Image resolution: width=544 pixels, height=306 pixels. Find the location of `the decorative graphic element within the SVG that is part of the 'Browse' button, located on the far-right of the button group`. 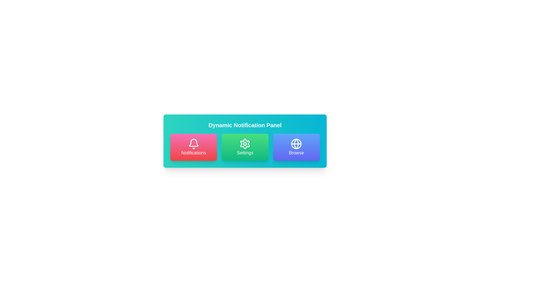

the decorative graphic element within the SVG that is part of the 'Browse' button, located on the far-right of the button group is located at coordinates (296, 144).